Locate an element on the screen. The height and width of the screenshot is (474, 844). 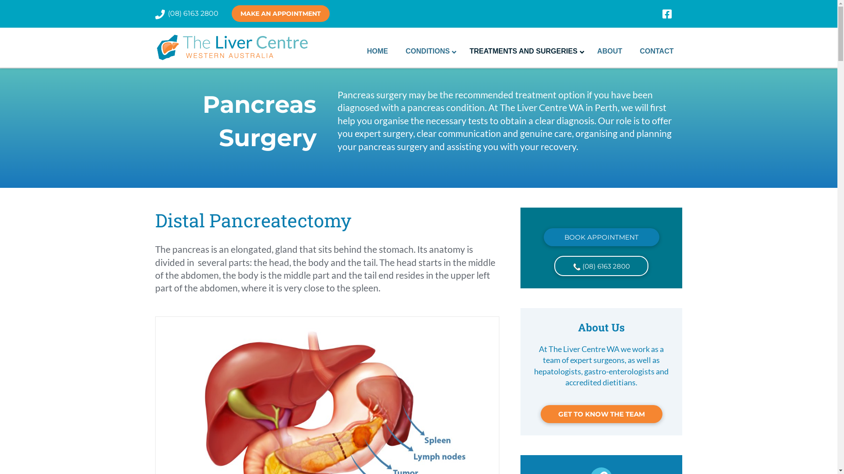
'GET TO KNOW THE TEAM' is located at coordinates (601, 414).